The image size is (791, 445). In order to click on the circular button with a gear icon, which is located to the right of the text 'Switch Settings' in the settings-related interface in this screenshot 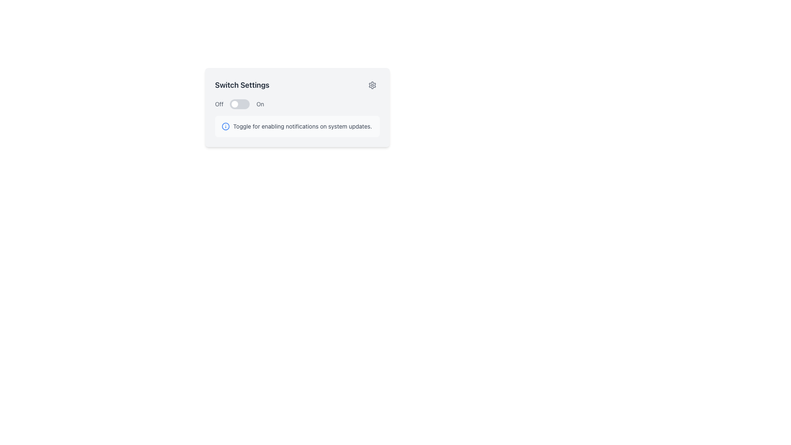, I will do `click(372, 85)`.